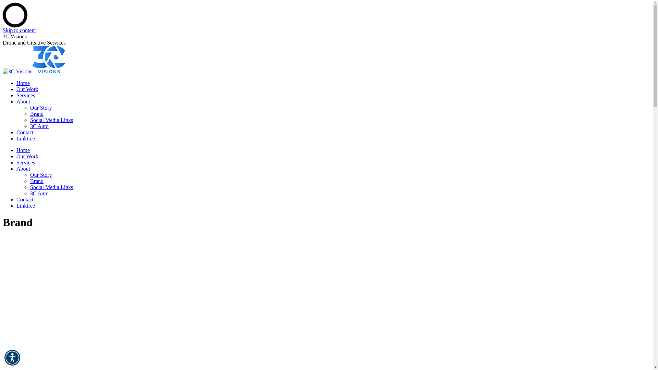 Image resolution: width=658 pixels, height=370 pixels. What do you see at coordinates (27, 156) in the screenshot?
I see `'Our Work'` at bounding box center [27, 156].